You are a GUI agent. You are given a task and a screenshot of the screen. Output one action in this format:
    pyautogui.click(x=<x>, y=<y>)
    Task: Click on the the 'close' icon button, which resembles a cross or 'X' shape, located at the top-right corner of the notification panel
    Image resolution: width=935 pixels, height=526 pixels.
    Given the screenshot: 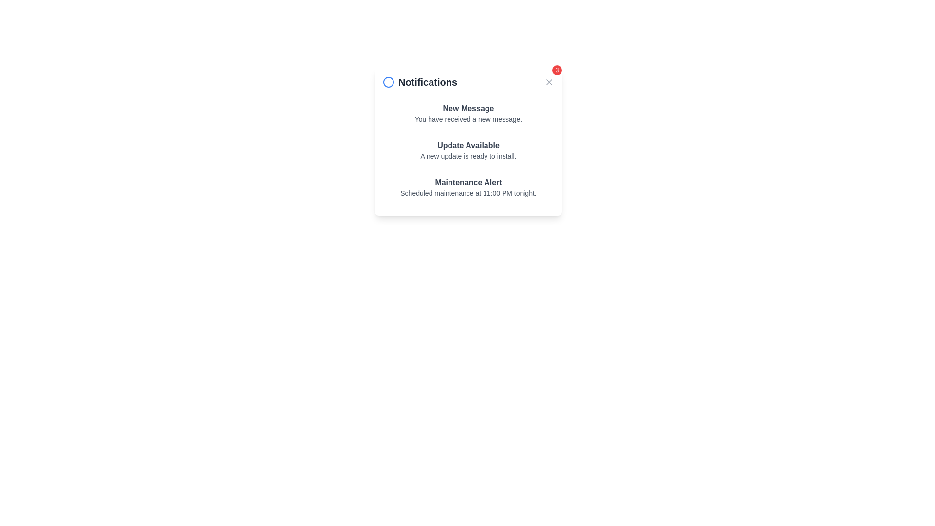 What is the action you would take?
    pyautogui.click(x=549, y=82)
    